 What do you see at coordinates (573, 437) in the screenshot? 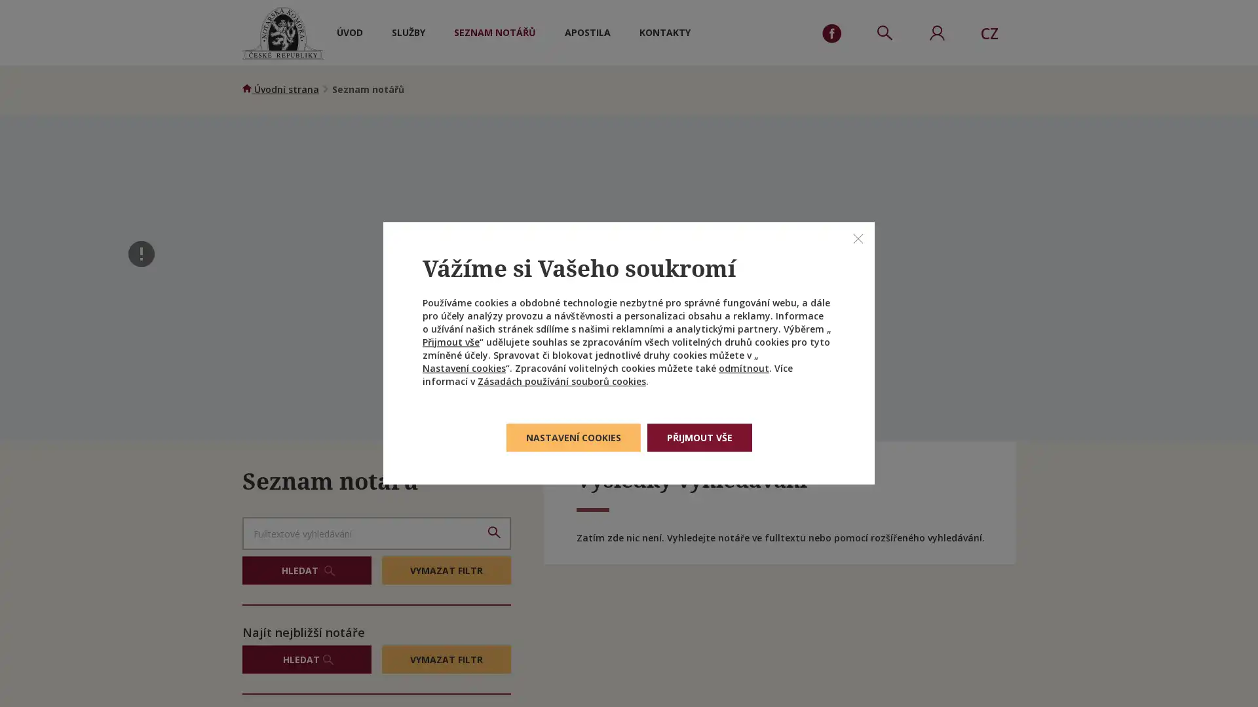
I see `Nastaveni cookies` at bounding box center [573, 437].